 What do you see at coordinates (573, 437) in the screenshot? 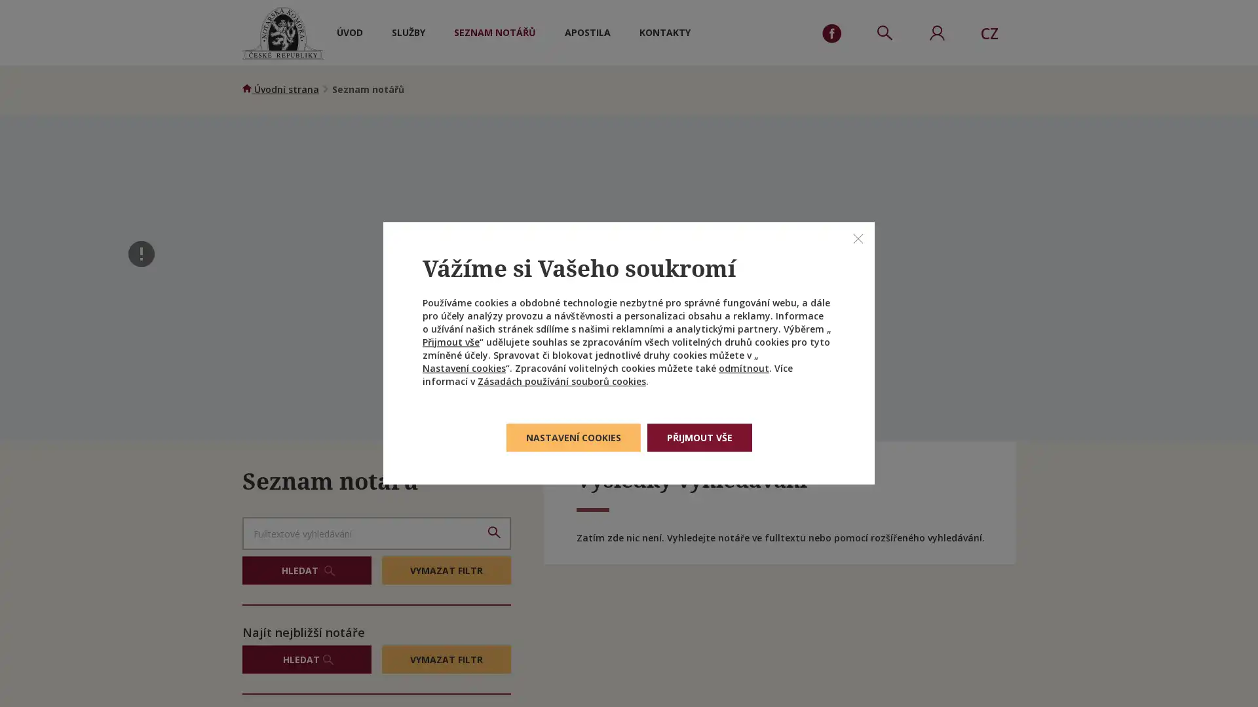
I see `Nastaveni cookies` at bounding box center [573, 437].